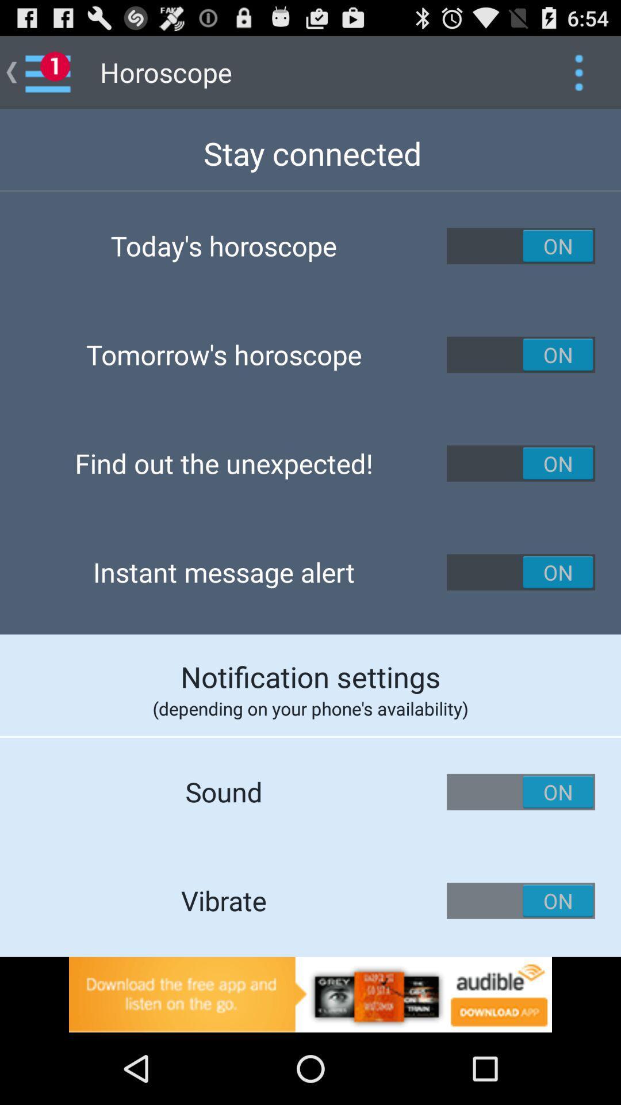 The height and width of the screenshot is (1105, 621). Describe the element at coordinates (521, 900) in the screenshot. I see `on button` at that location.